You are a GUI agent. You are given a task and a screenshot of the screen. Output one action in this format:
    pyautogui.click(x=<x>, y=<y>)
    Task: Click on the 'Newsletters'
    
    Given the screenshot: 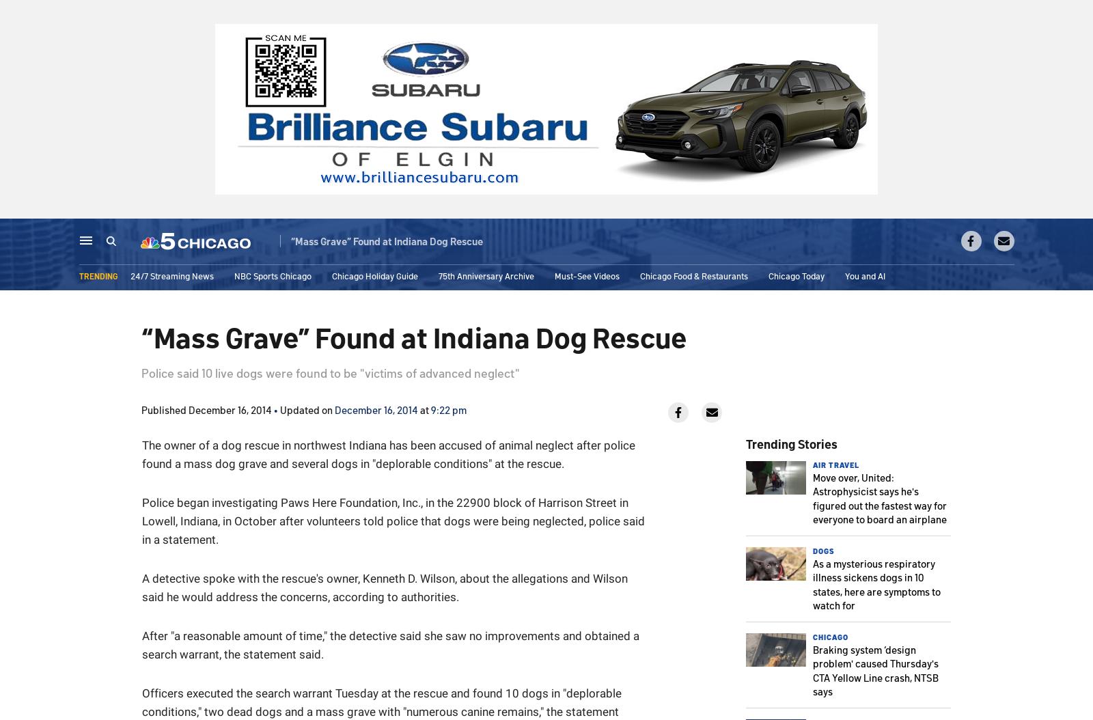 What is the action you would take?
    pyautogui.click(x=757, y=242)
    